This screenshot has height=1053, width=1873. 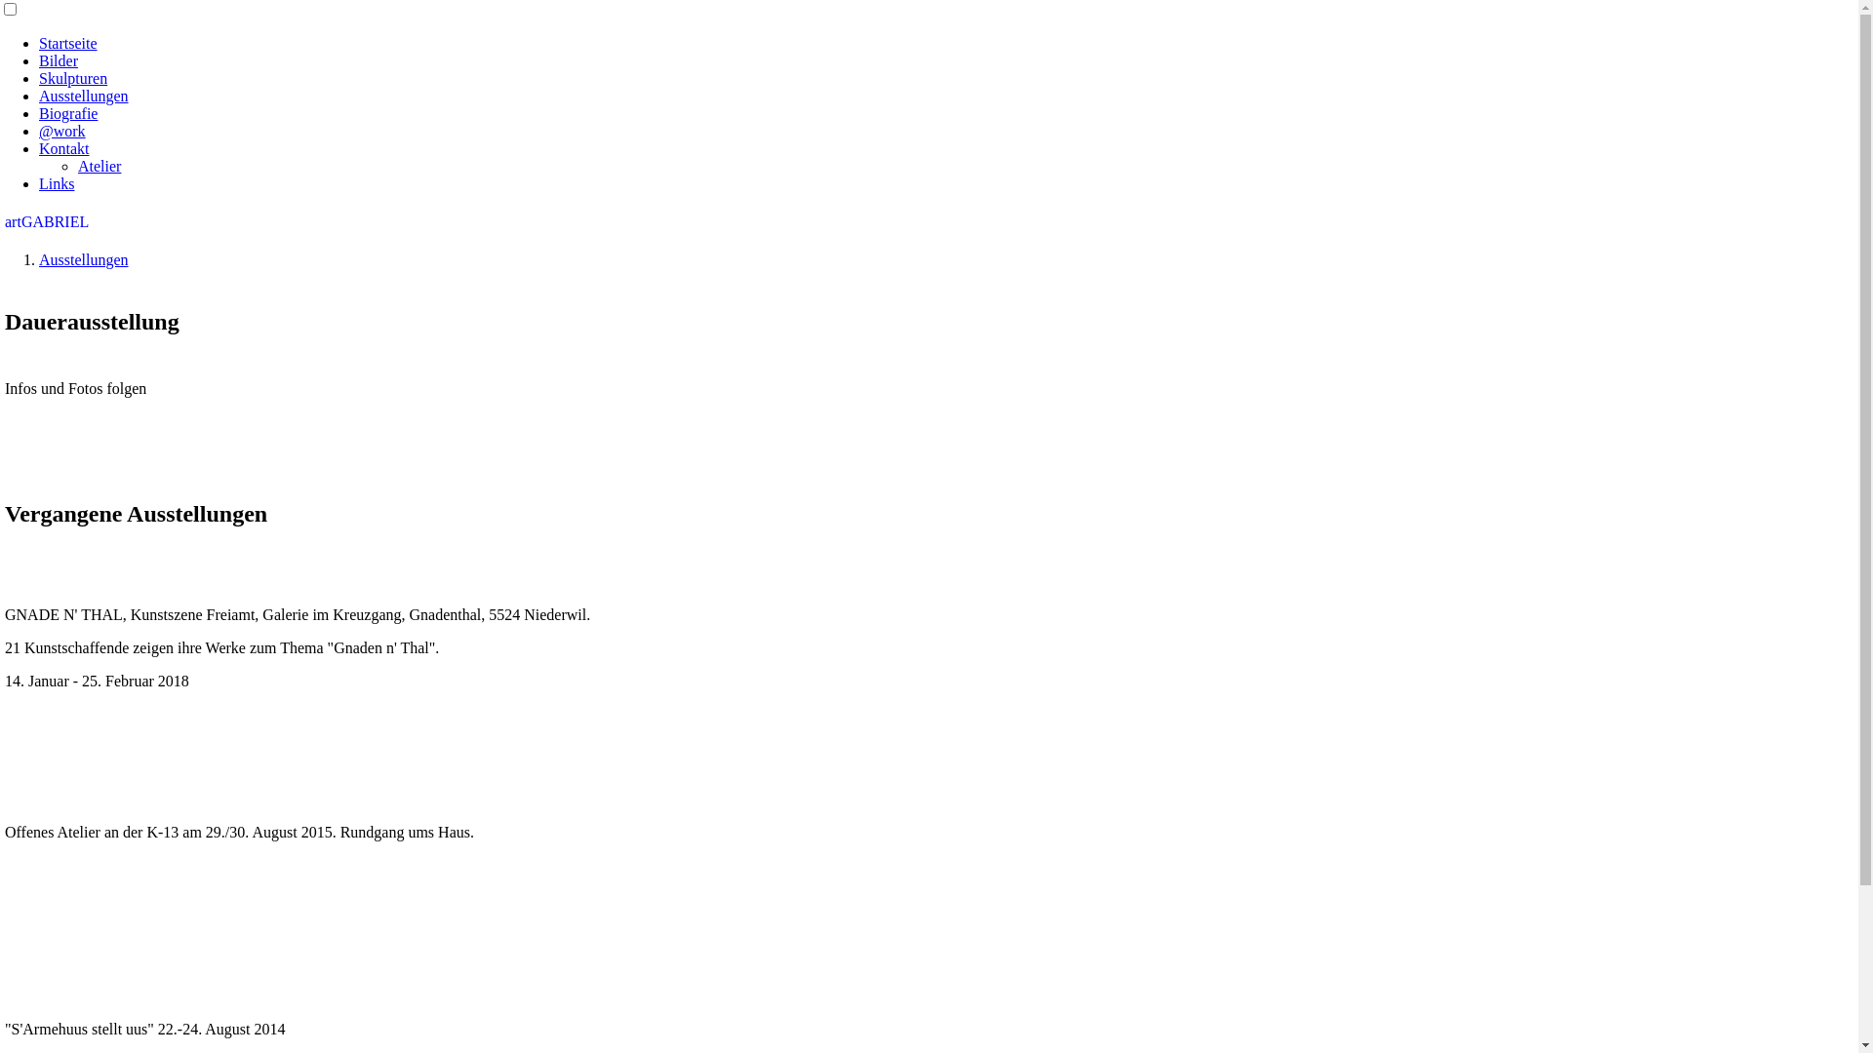 I want to click on 'Ausstellungen', so click(x=83, y=96).